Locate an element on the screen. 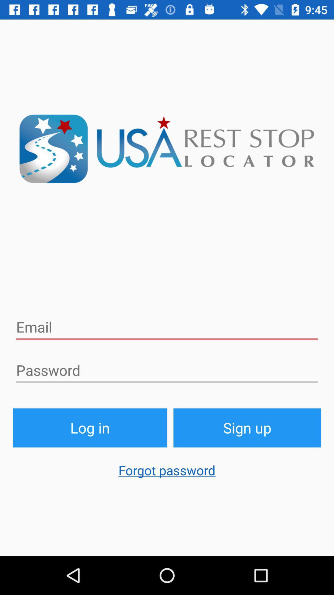  email is located at coordinates (167, 327).